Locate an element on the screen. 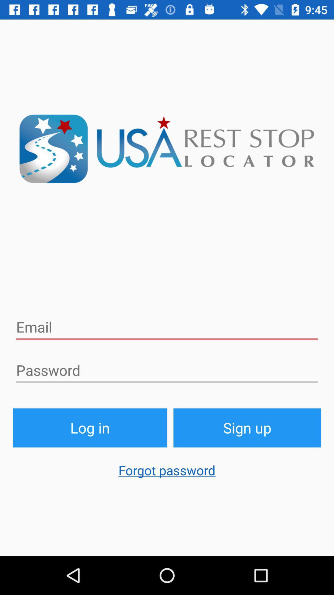  email is located at coordinates (167, 327).